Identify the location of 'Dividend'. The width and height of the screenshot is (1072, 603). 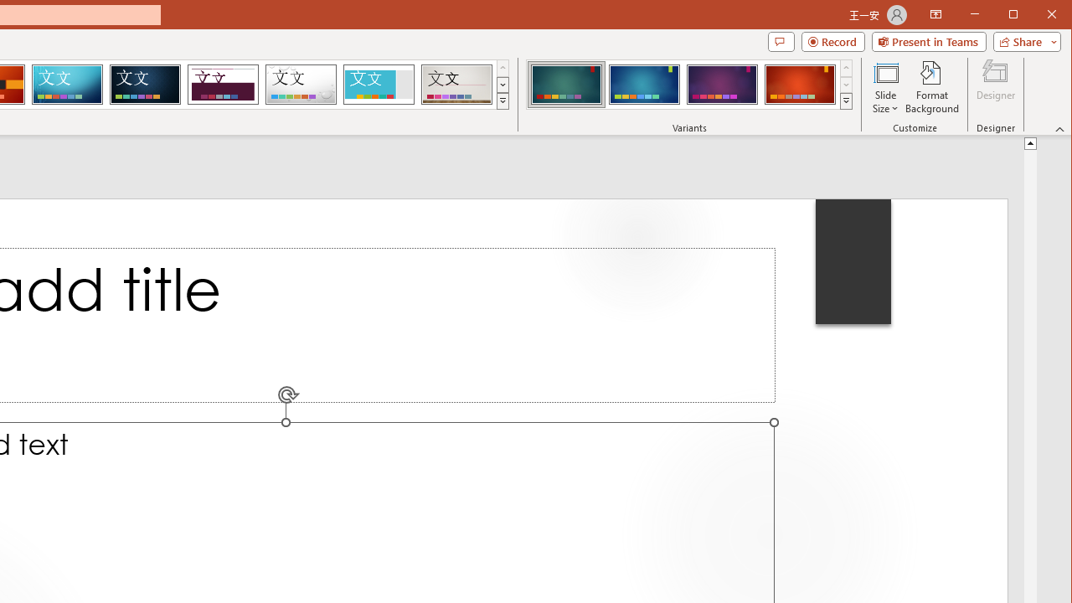
(222, 84).